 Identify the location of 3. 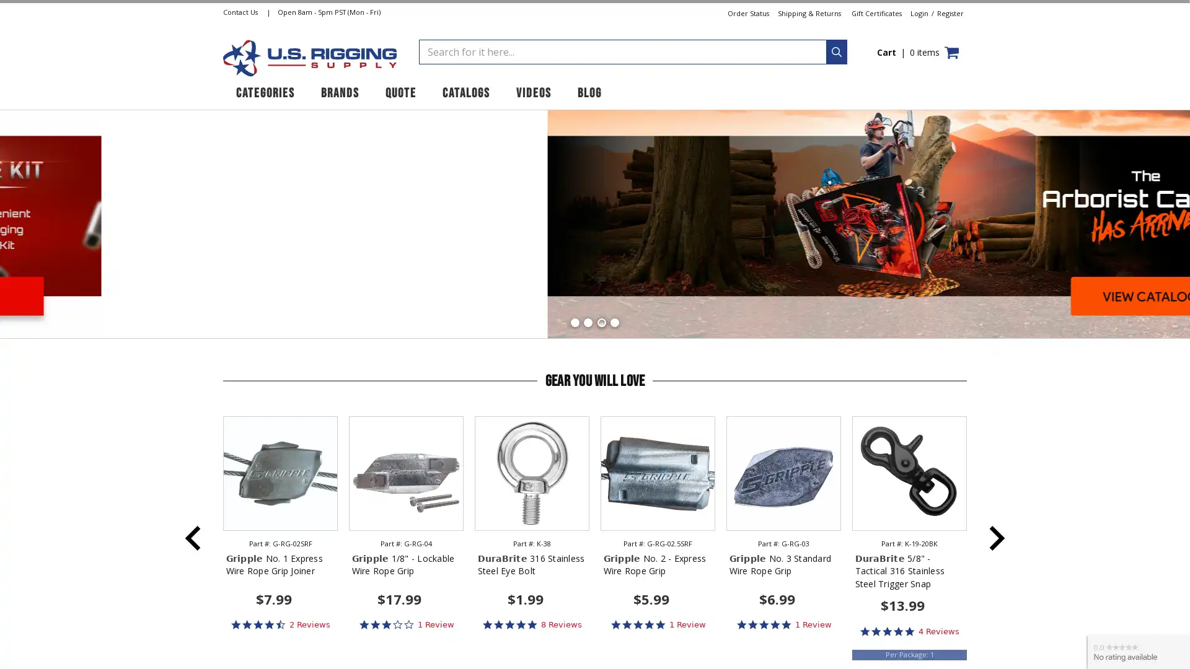
(601, 321).